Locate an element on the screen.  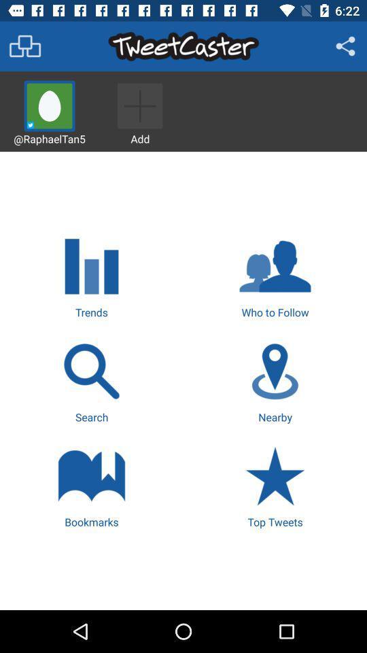
the item at the top right corner is located at coordinates (345, 46).